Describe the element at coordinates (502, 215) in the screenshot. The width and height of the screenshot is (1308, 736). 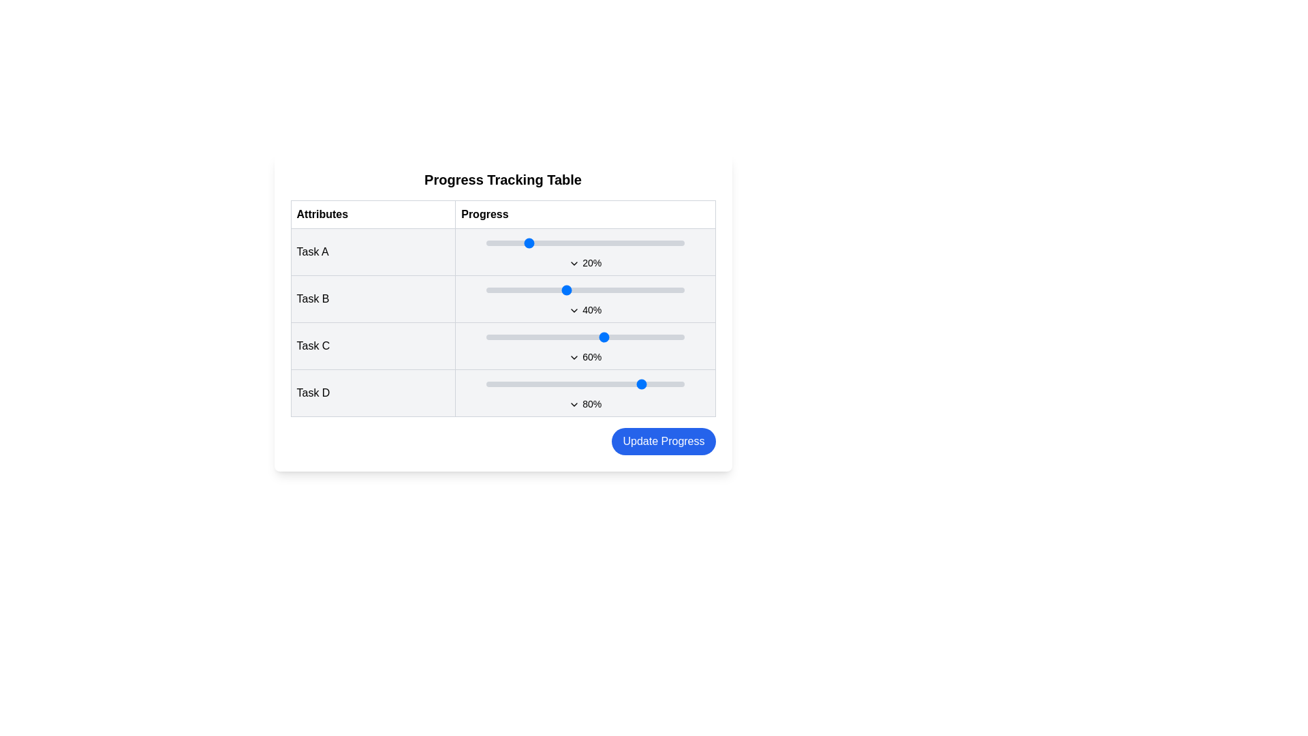
I see `the Table Header element that contains the 'Attributes' and 'Progress' columns, which is positioned at the top of the progress tracking table layout` at that location.